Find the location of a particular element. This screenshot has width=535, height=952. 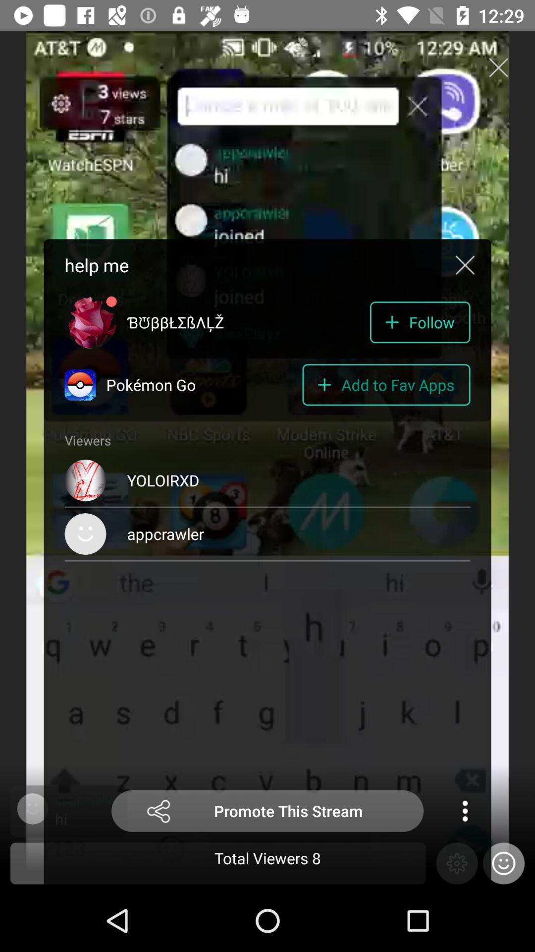

the emoji icon is located at coordinates (504, 863).